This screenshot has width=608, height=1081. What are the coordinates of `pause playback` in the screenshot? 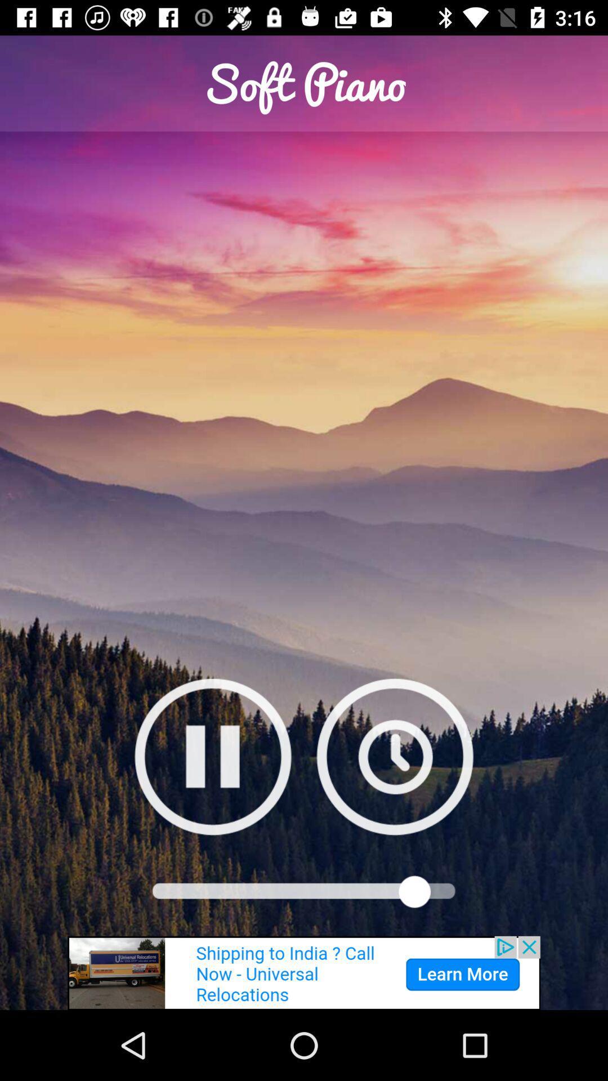 It's located at (213, 756).